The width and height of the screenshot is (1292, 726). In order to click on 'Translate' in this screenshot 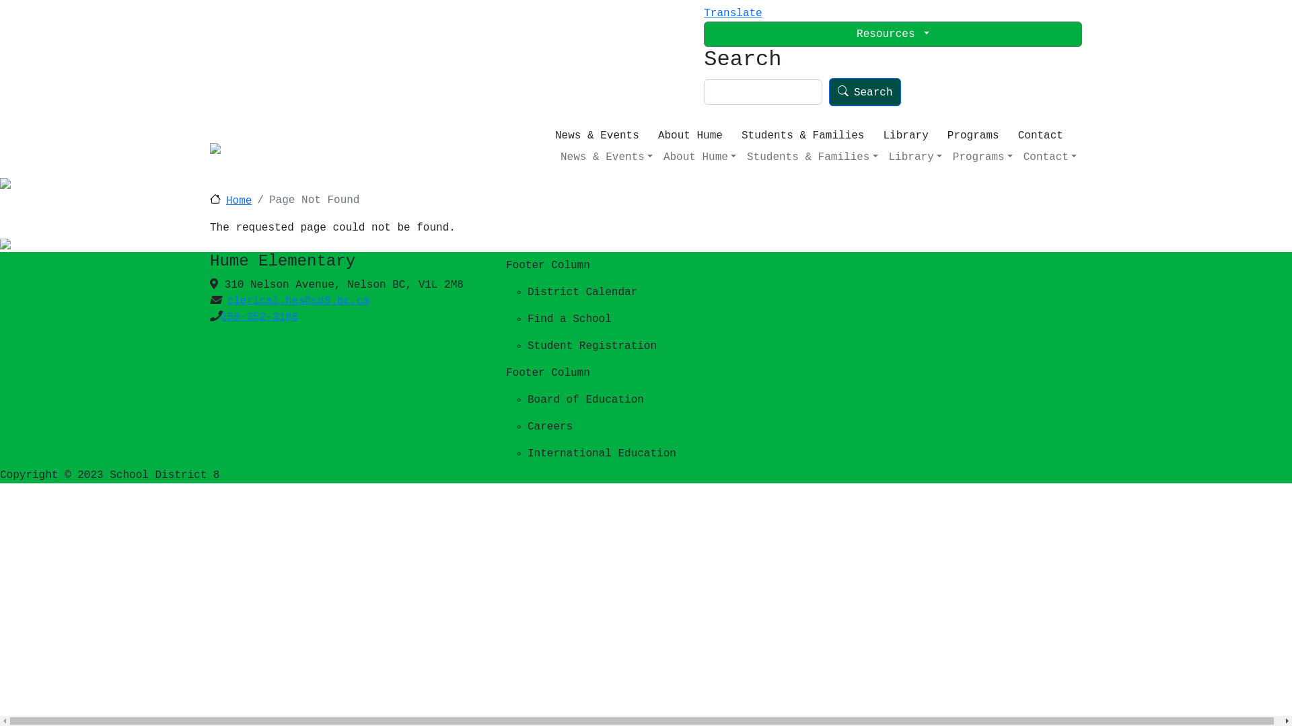, I will do `click(732, 13)`.